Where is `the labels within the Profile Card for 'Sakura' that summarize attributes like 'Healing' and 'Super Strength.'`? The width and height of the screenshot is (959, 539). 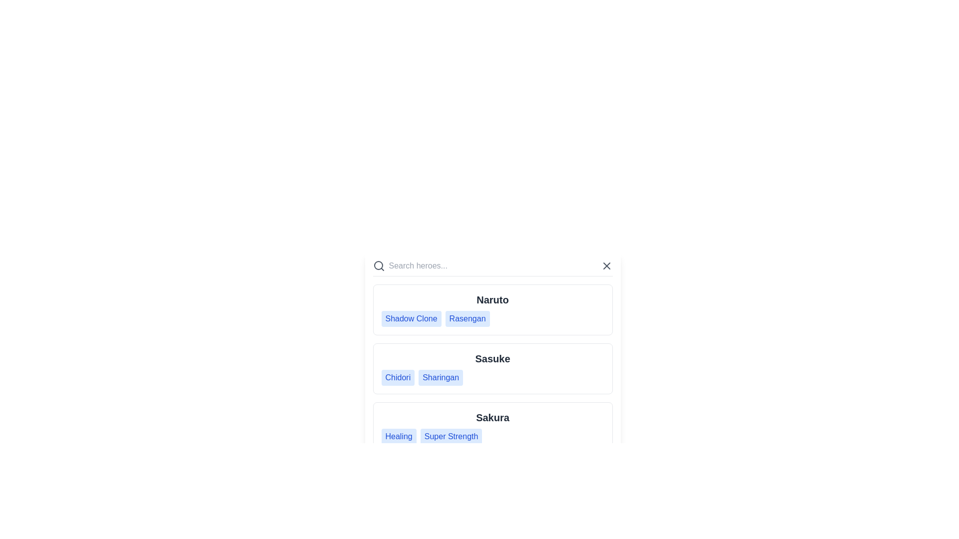 the labels within the Profile Card for 'Sakura' that summarize attributes like 'Healing' and 'Super Strength.' is located at coordinates (492, 427).